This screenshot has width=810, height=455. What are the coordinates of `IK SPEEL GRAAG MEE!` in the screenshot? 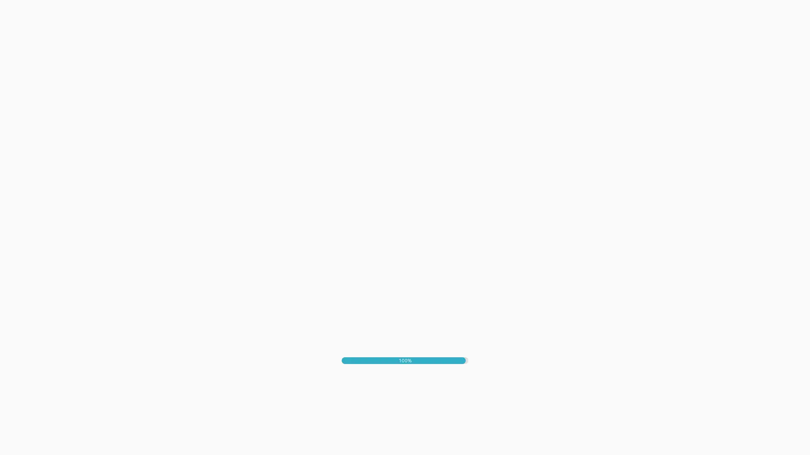 It's located at (419, 432).